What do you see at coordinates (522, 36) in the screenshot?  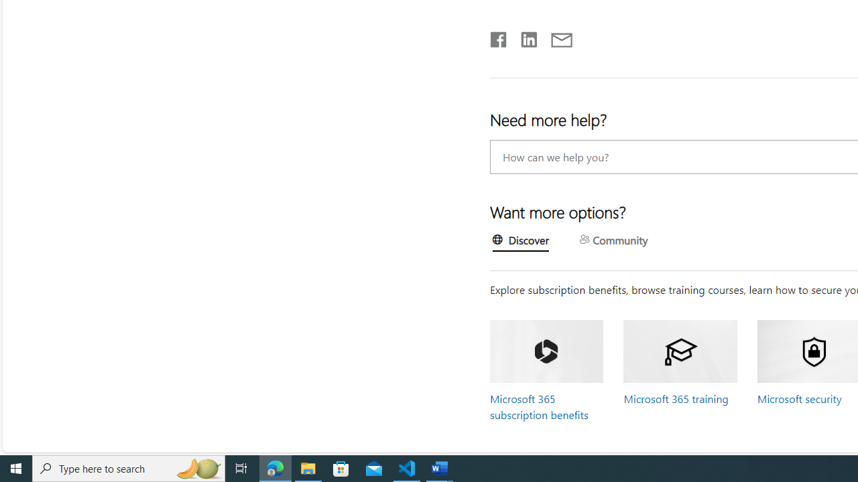 I see `'Share on LinkedIn'` at bounding box center [522, 36].